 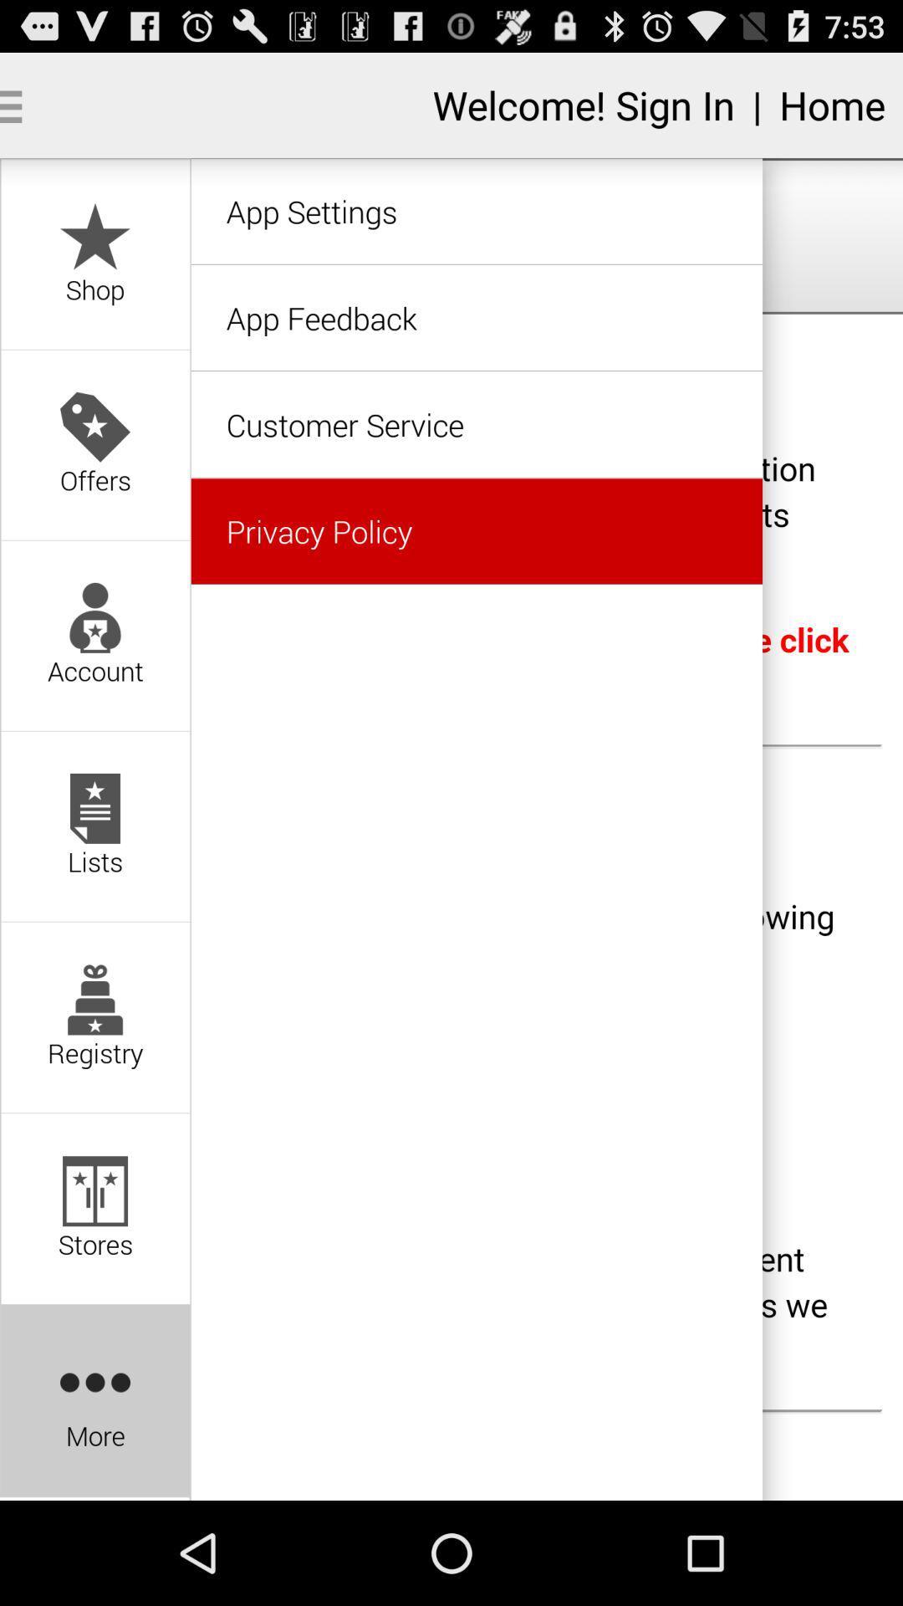 What do you see at coordinates (583, 104) in the screenshot?
I see `text before home option` at bounding box center [583, 104].